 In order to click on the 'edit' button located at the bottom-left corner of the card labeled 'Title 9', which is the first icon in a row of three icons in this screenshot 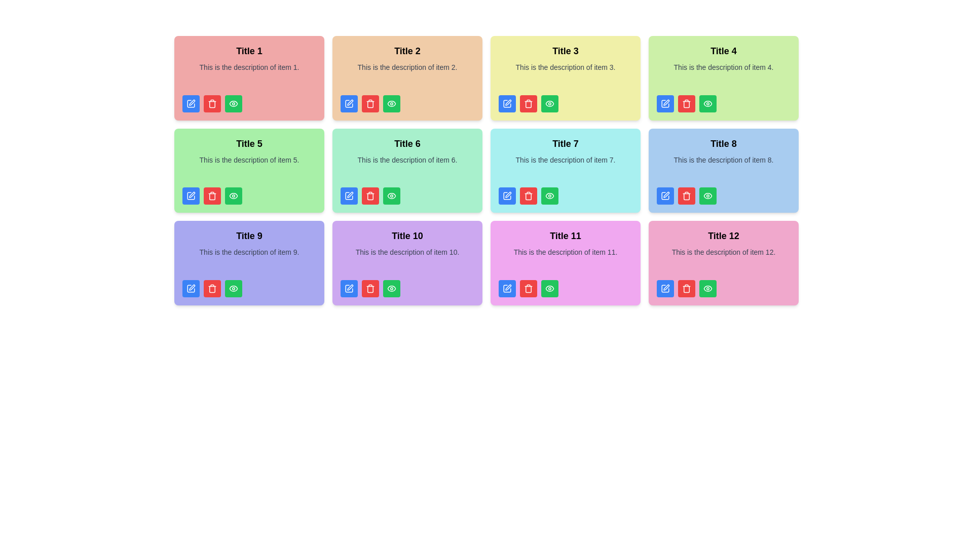, I will do `click(191, 288)`.